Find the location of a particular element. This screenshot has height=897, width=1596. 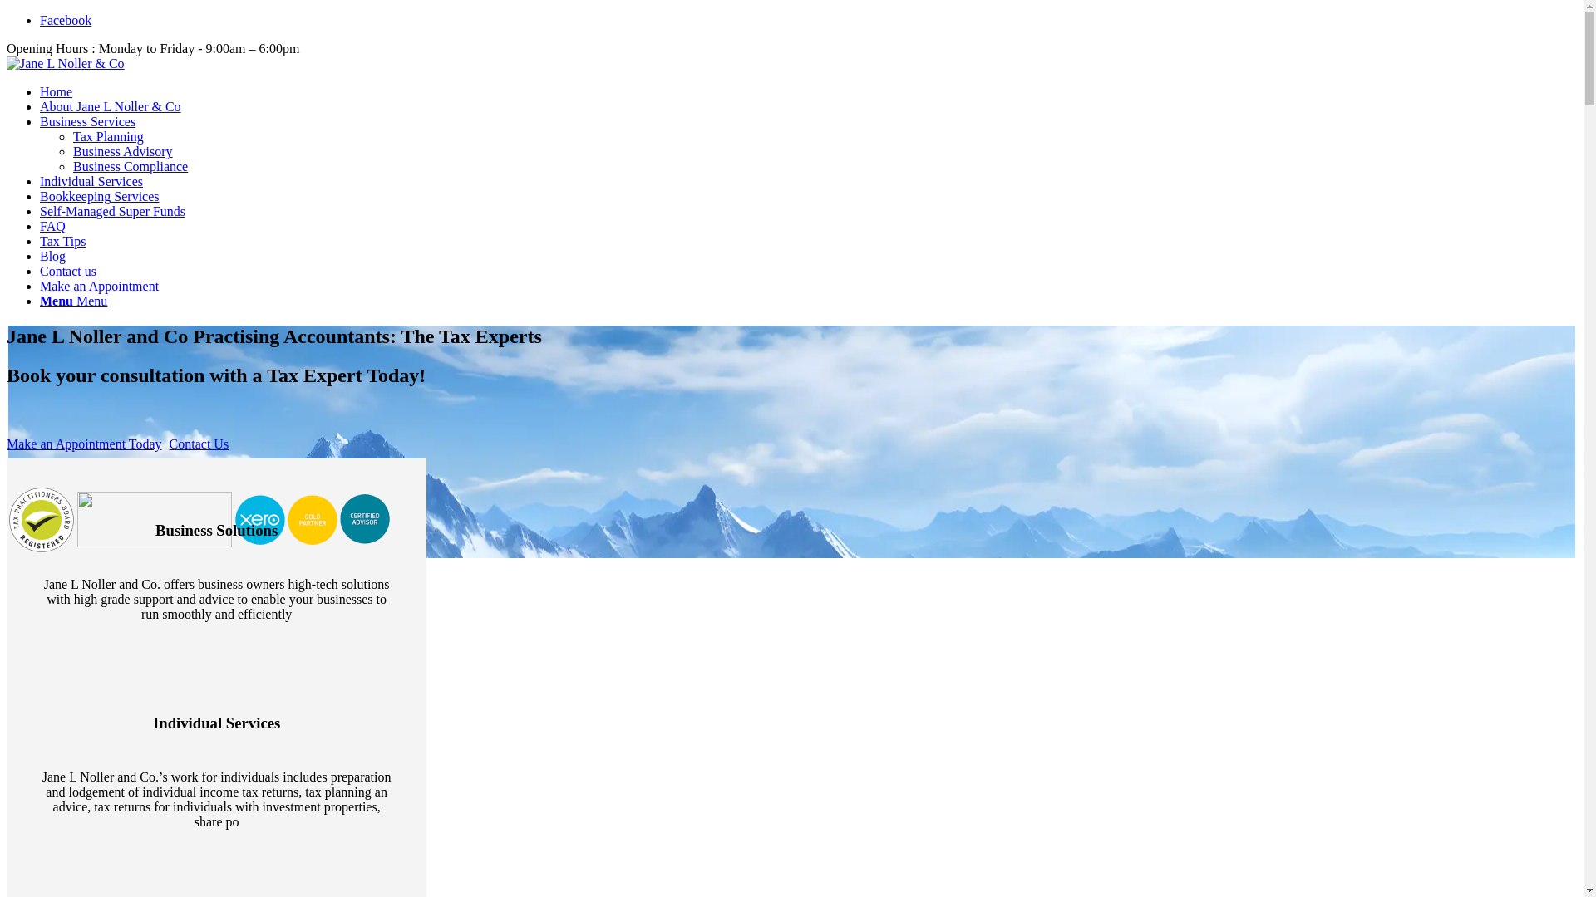

'JLNlogo' is located at coordinates (7, 63).